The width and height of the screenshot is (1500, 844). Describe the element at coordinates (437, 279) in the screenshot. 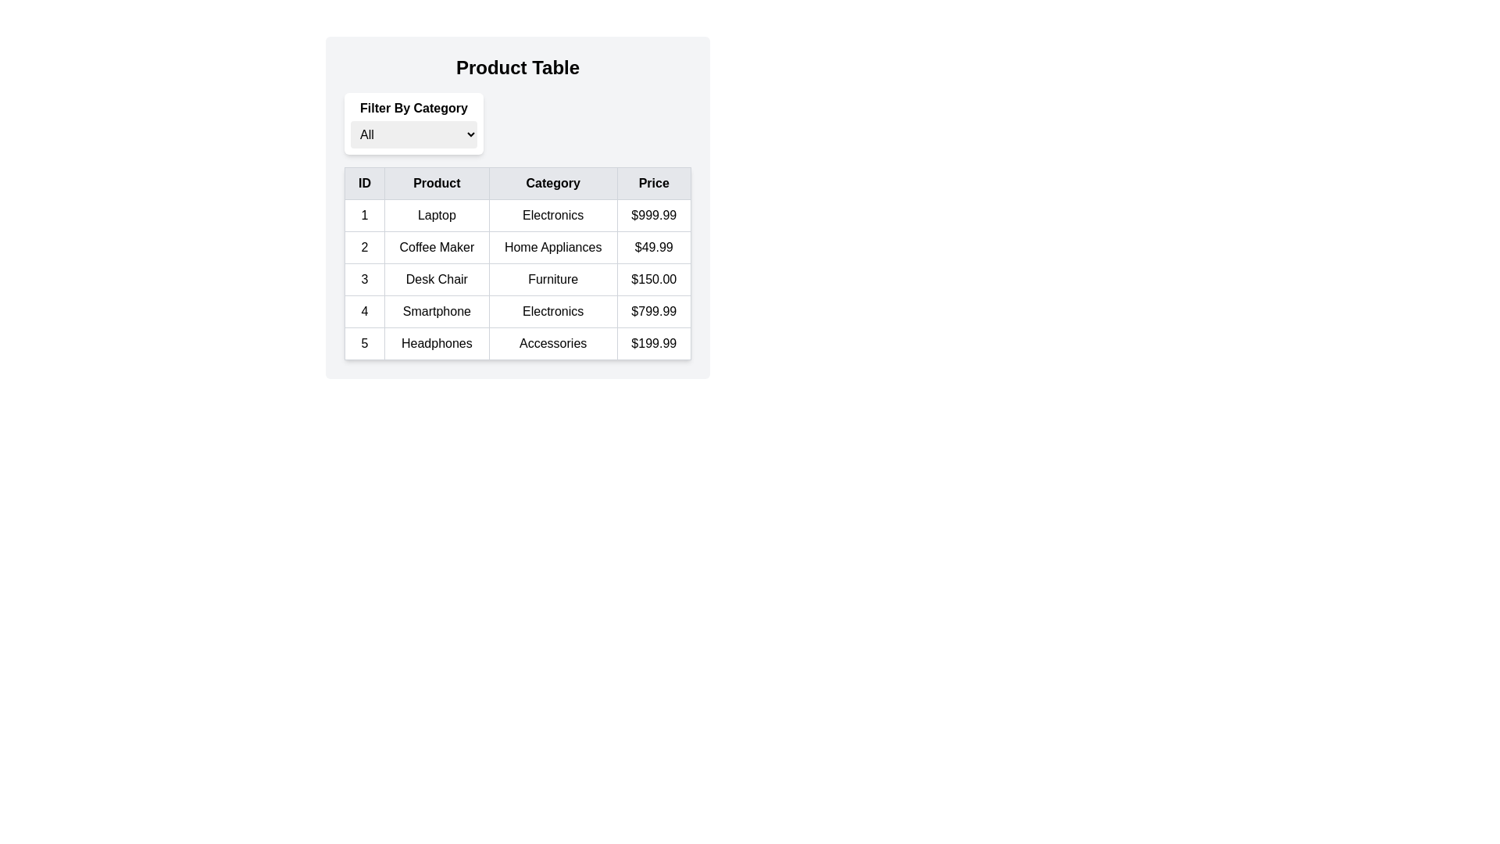

I see `the text element displaying 'Desk Chair'` at that location.